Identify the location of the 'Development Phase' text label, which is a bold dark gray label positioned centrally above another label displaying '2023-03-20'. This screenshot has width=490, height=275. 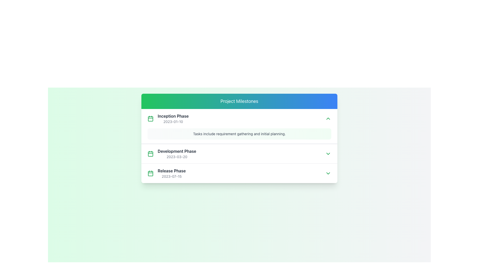
(177, 151).